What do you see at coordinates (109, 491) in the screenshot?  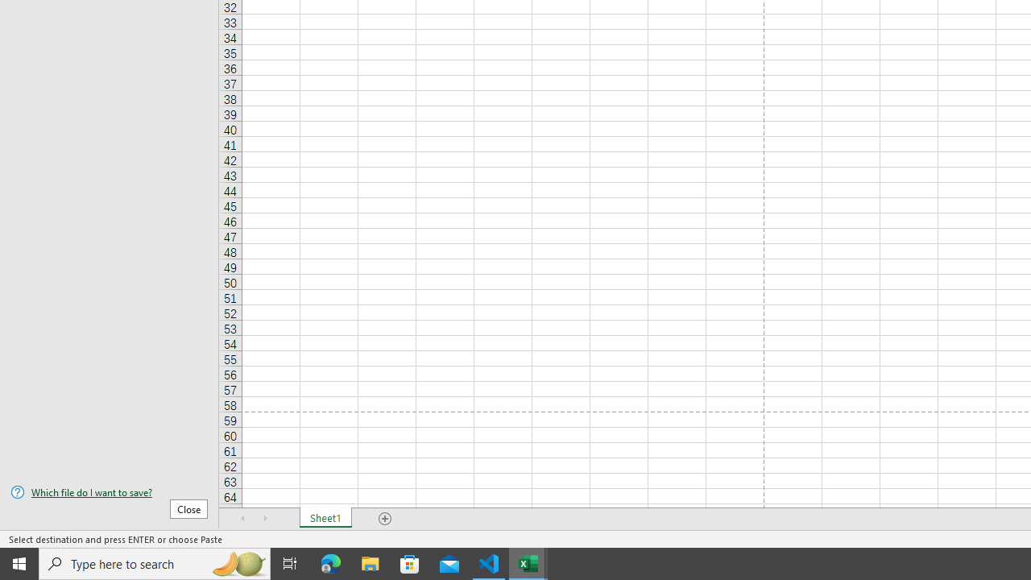 I see `'Which file do I want to save?'` at bounding box center [109, 491].